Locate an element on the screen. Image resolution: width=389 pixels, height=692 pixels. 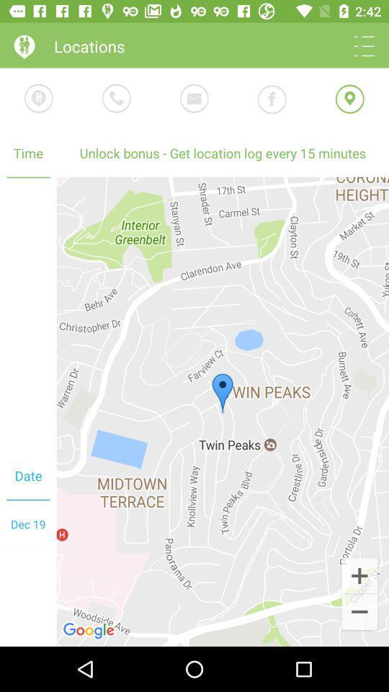
the location icon right to facebook icon is located at coordinates (349, 99).